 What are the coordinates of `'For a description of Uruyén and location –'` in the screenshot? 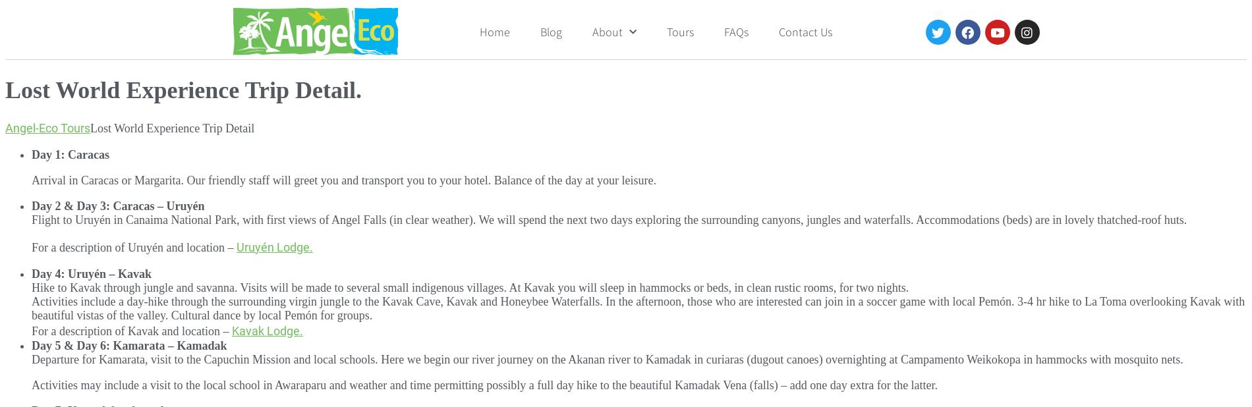 It's located at (133, 246).